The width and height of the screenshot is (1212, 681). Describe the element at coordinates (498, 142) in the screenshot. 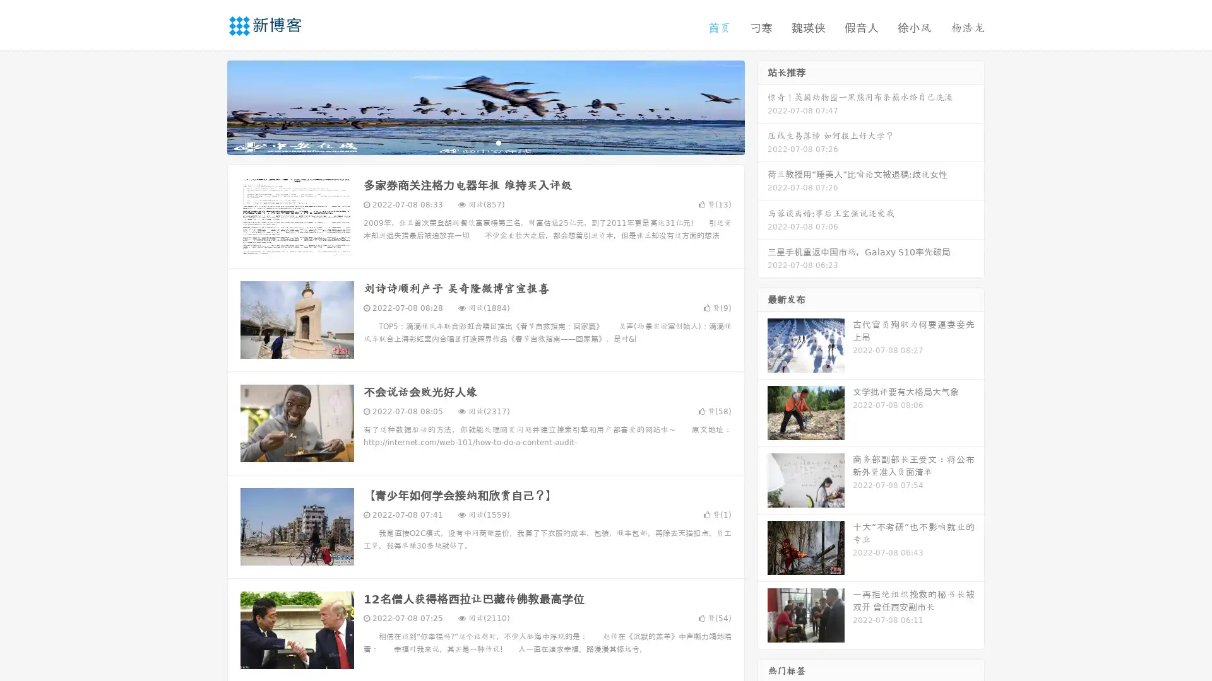

I see `Go to slide 3` at that location.